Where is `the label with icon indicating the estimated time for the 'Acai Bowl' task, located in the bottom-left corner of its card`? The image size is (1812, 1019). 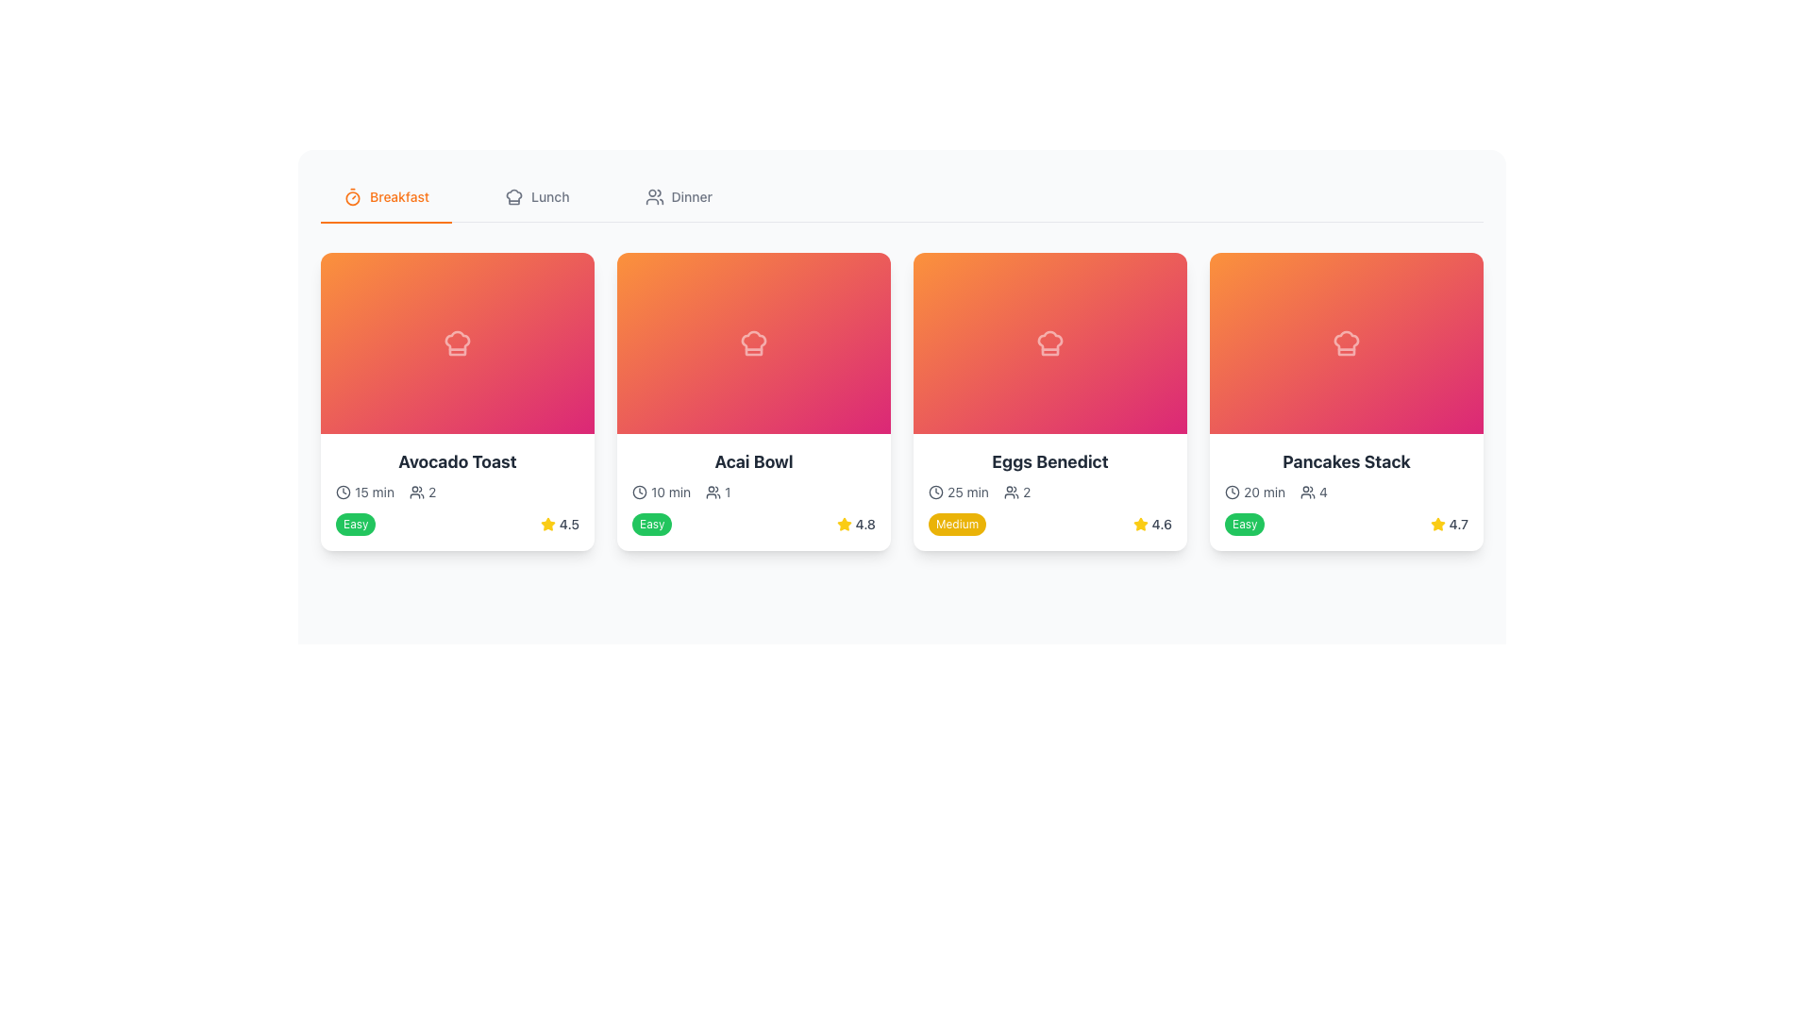 the label with icon indicating the estimated time for the 'Acai Bowl' task, located in the bottom-left corner of its card is located at coordinates (662, 491).